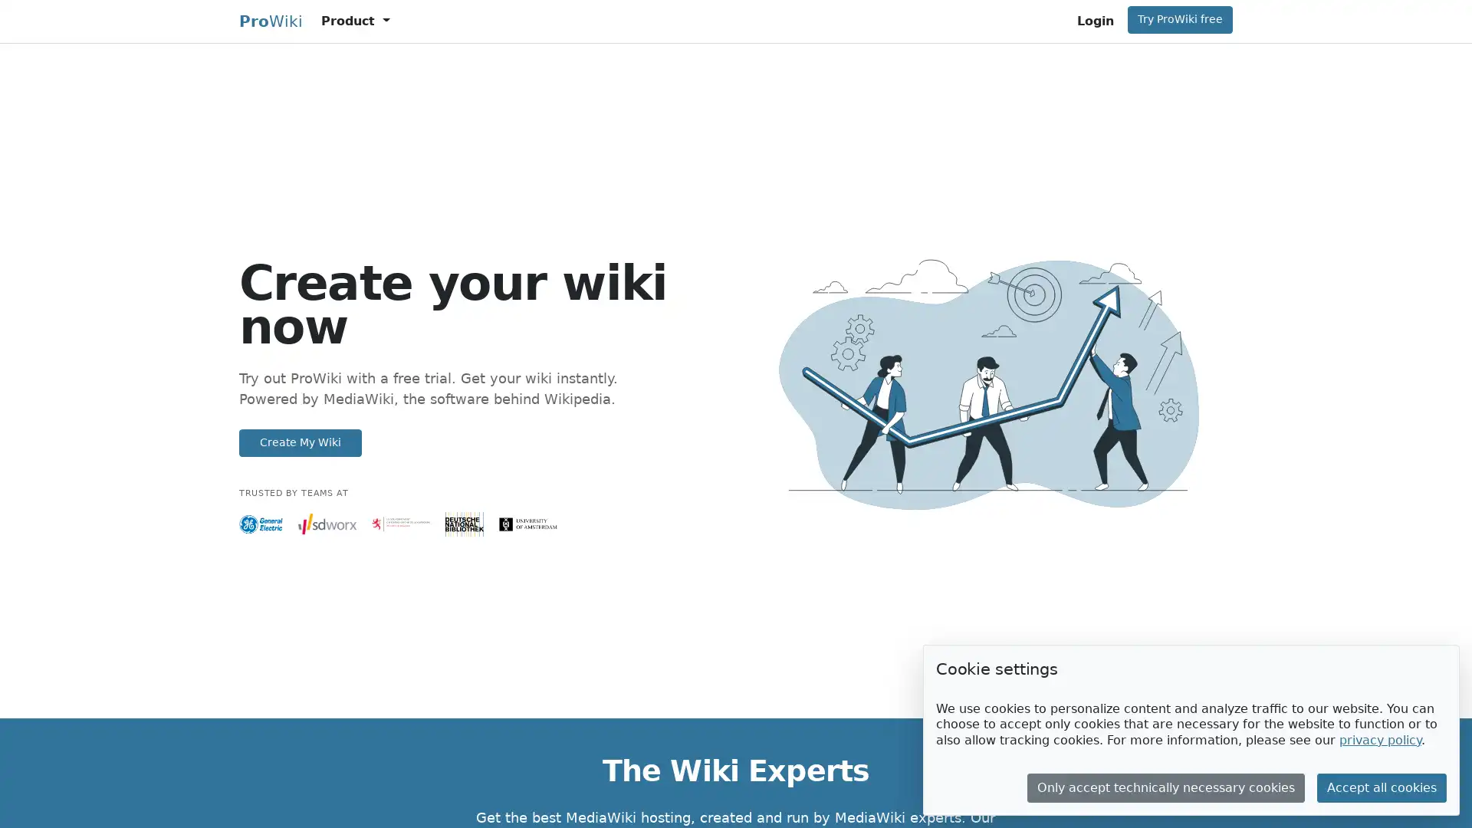 The height and width of the screenshot is (828, 1472). I want to click on Accept all cookies, so click(1382, 788).